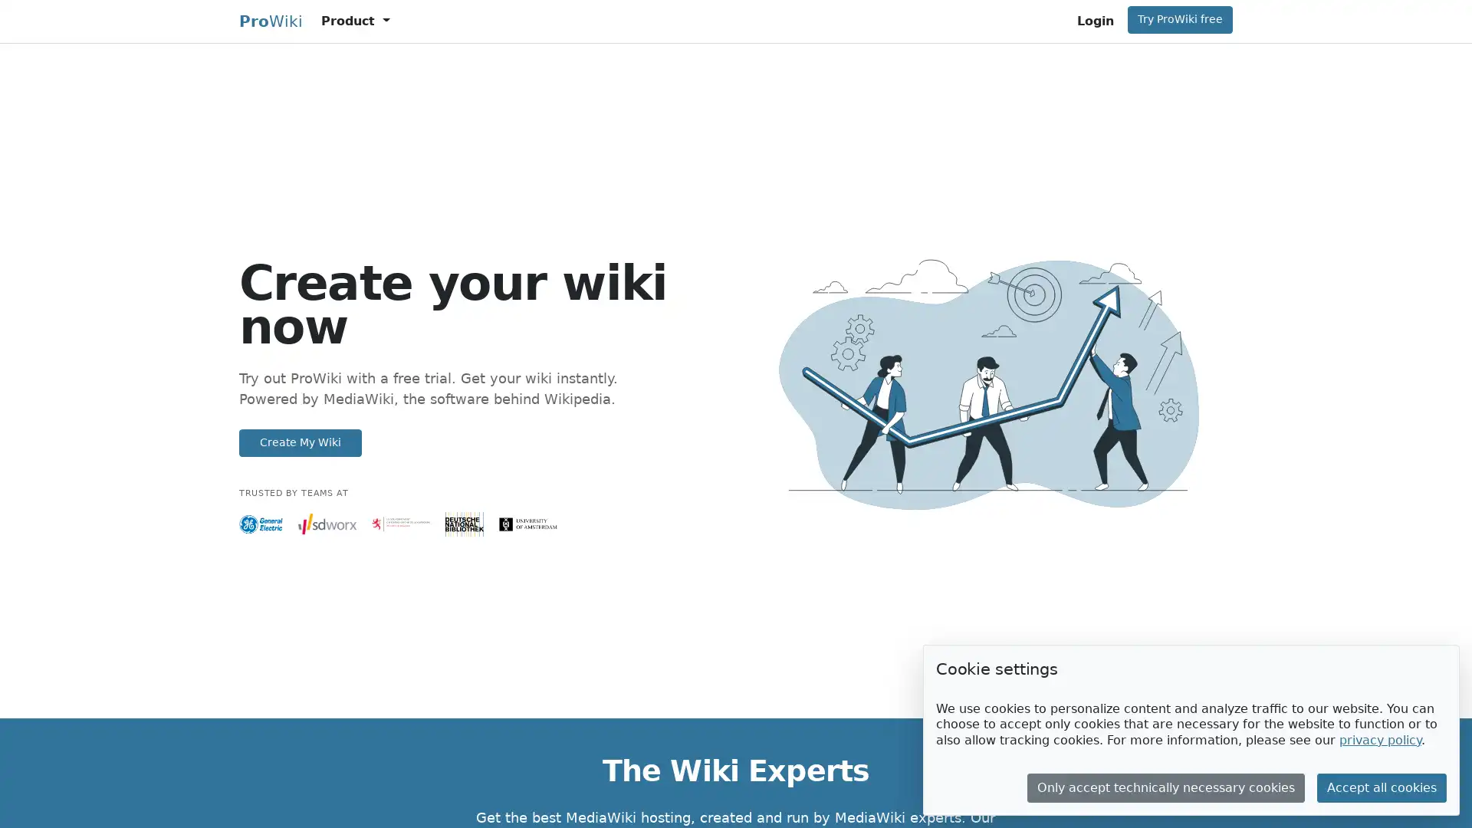 The height and width of the screenshot is (828, 1472). I want to click on Accept all cookies, so click(1382, 788).